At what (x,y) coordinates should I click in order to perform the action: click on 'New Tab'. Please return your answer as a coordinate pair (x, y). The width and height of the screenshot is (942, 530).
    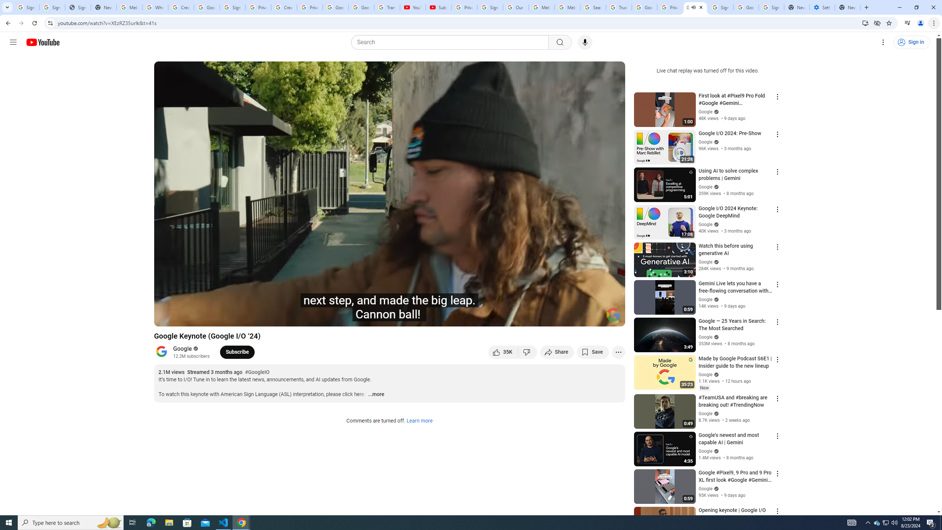
    Looking at the image, I should click on (847, 7).